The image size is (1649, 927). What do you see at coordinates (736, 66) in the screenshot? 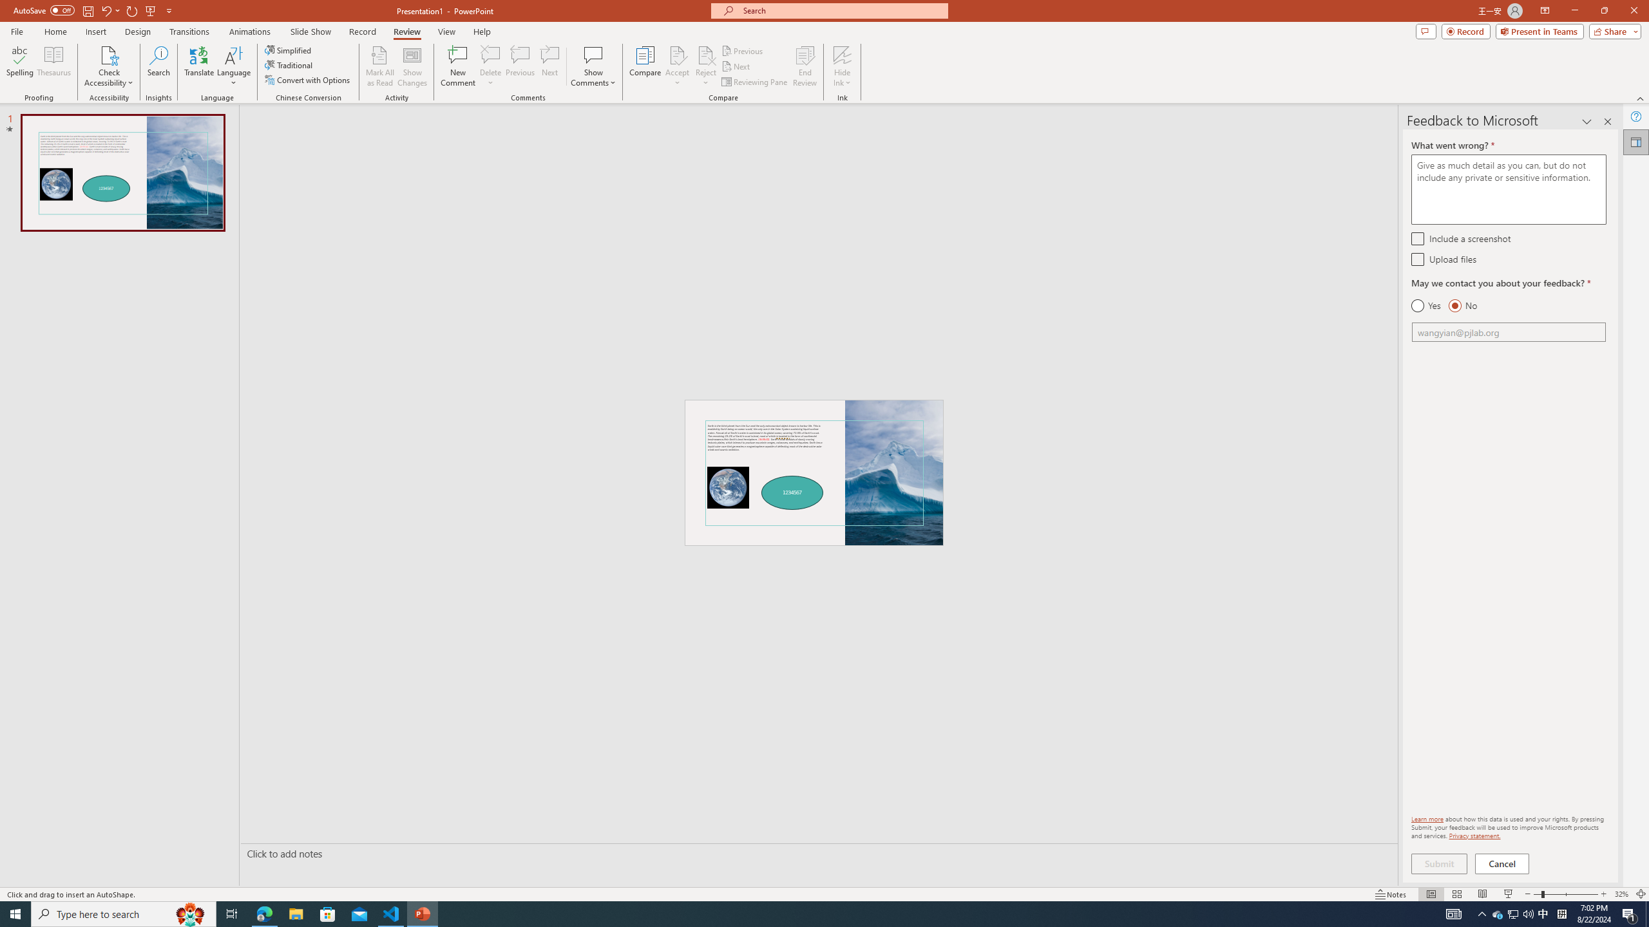
I see `'Next'` at bounding box center [736, 66].